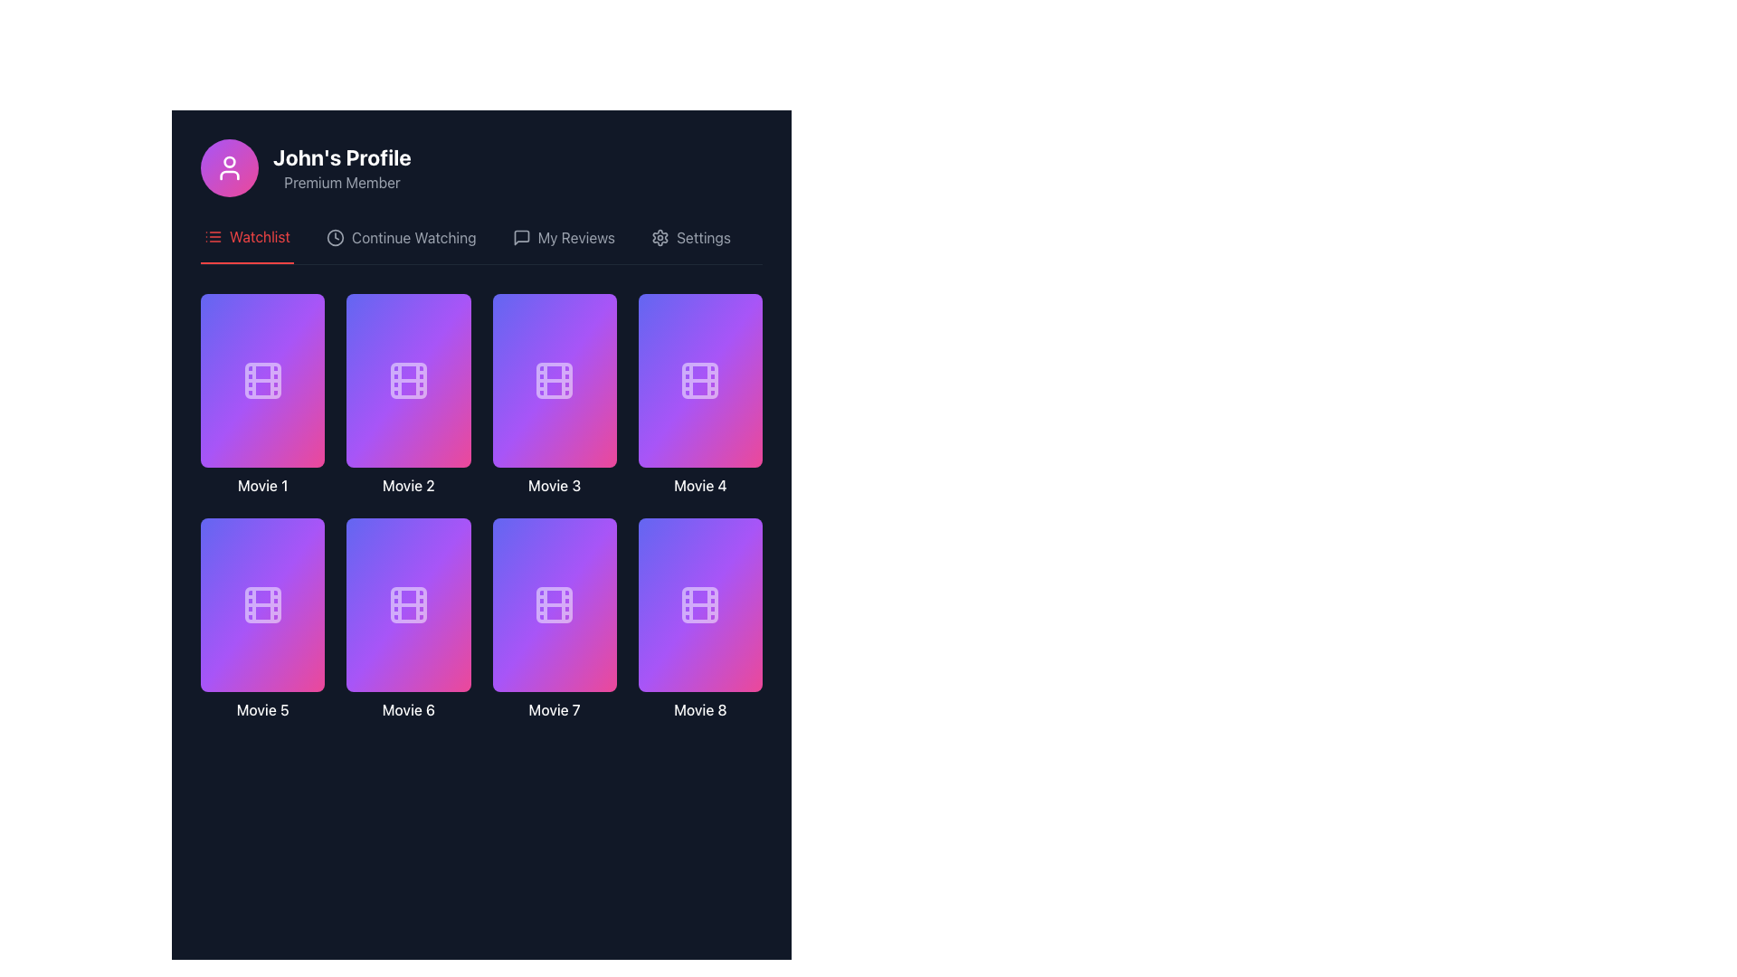  Describe the element at coordinates (407, 619) in the screenshot. I see `the rounded button with a red background and a white play icon, associated with the item labeled 'Movie 6', located in the second row, second column of the grid to trigger hover effects` at that location.